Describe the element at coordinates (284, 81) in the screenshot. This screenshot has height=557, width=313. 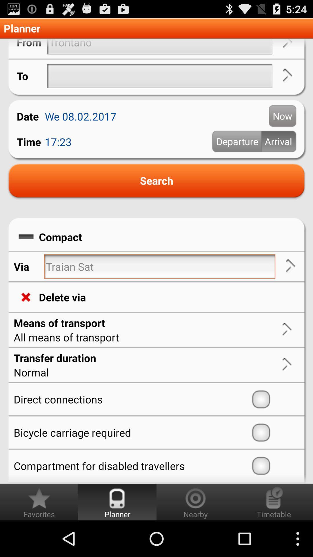
I see `the arrow_forward icon` at that location.